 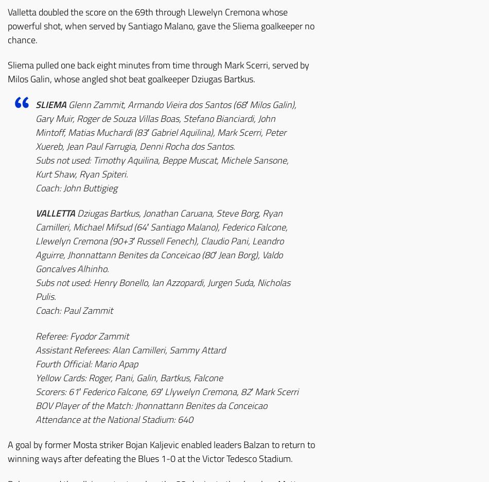 I want to click on 'Assistant Referees: Alan Camilleri, Sammy Attard', so click(x=130, y=349).